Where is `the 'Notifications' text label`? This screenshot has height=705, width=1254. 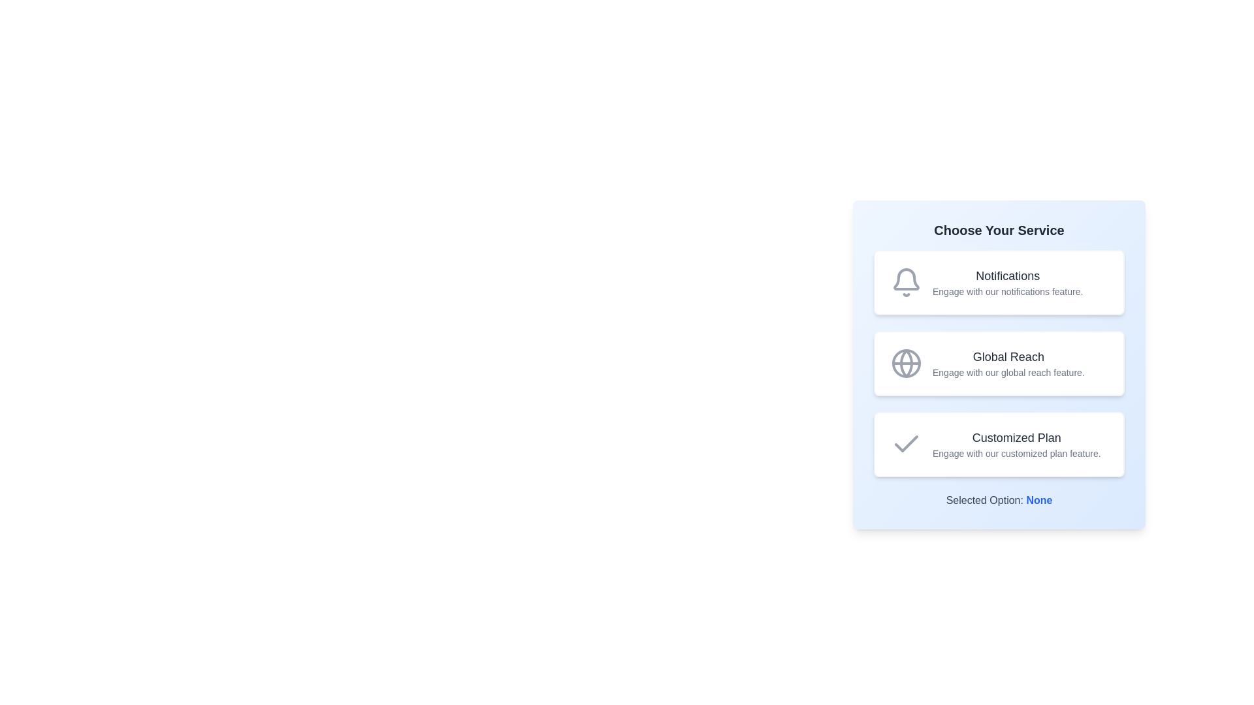
the 'Notifications' text label is located at coordinates (1007, 275).